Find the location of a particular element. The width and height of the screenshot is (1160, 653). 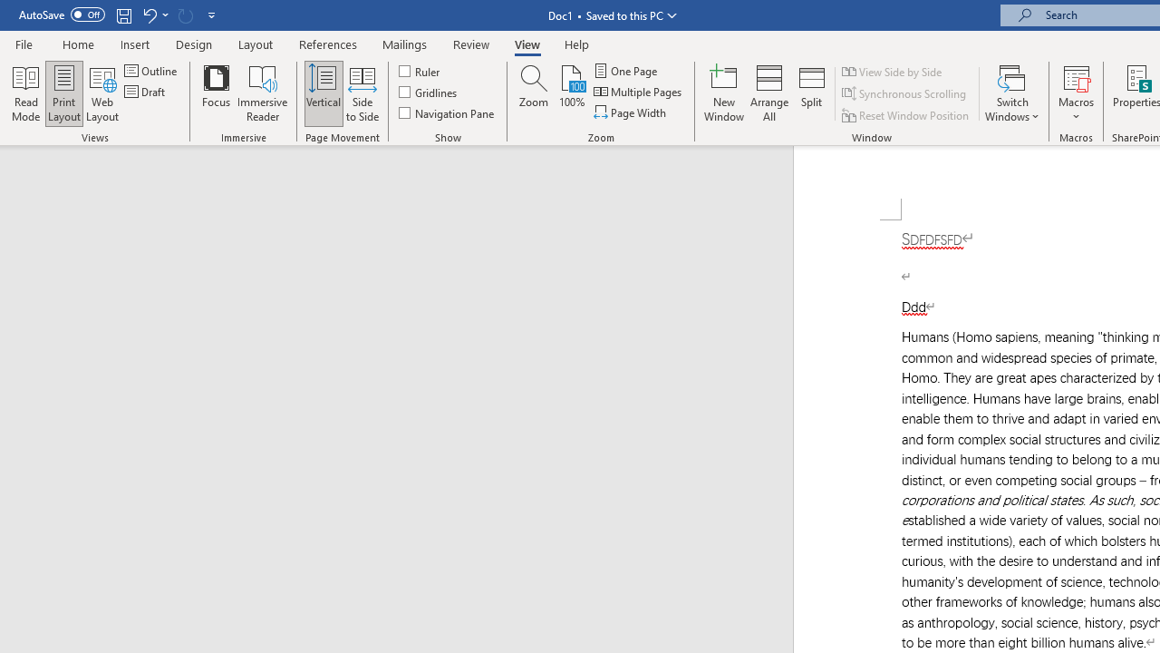

'New Window' is located at coordinates (723, 93).